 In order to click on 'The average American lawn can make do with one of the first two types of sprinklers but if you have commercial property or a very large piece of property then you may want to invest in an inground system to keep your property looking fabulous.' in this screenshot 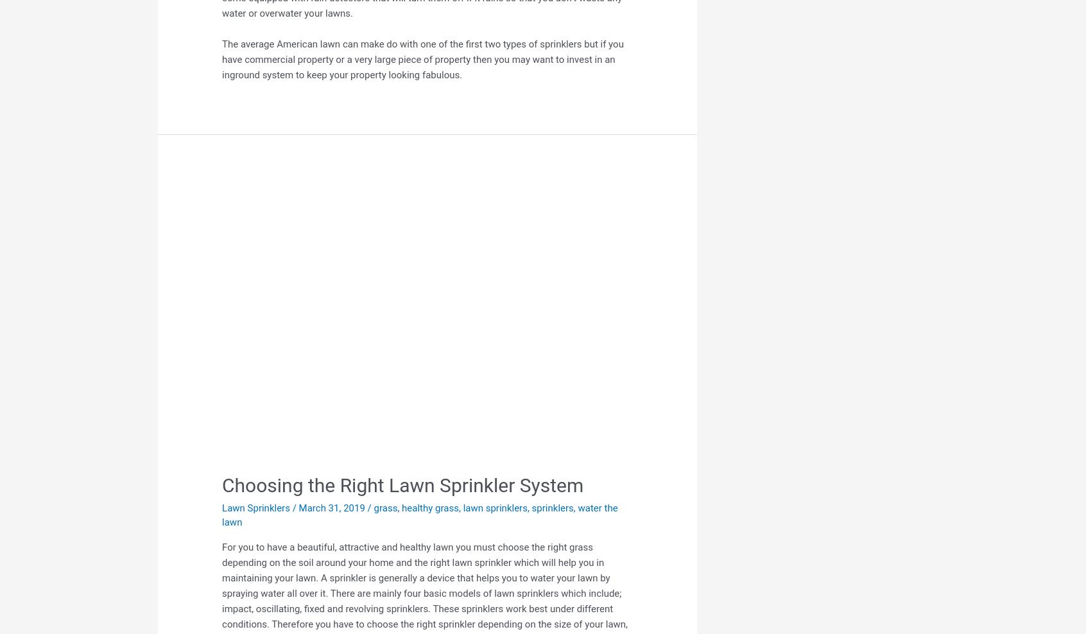, I will do `click(422, 58)`.